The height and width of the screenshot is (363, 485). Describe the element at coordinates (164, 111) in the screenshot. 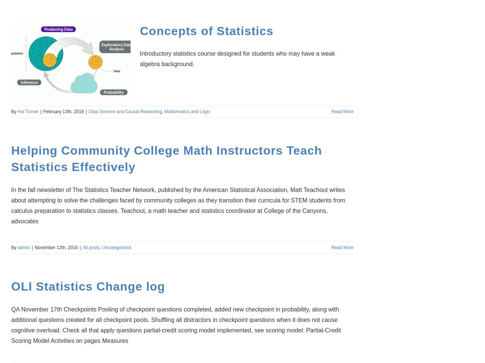

I see `'Mathematics and Logic'` at that location.